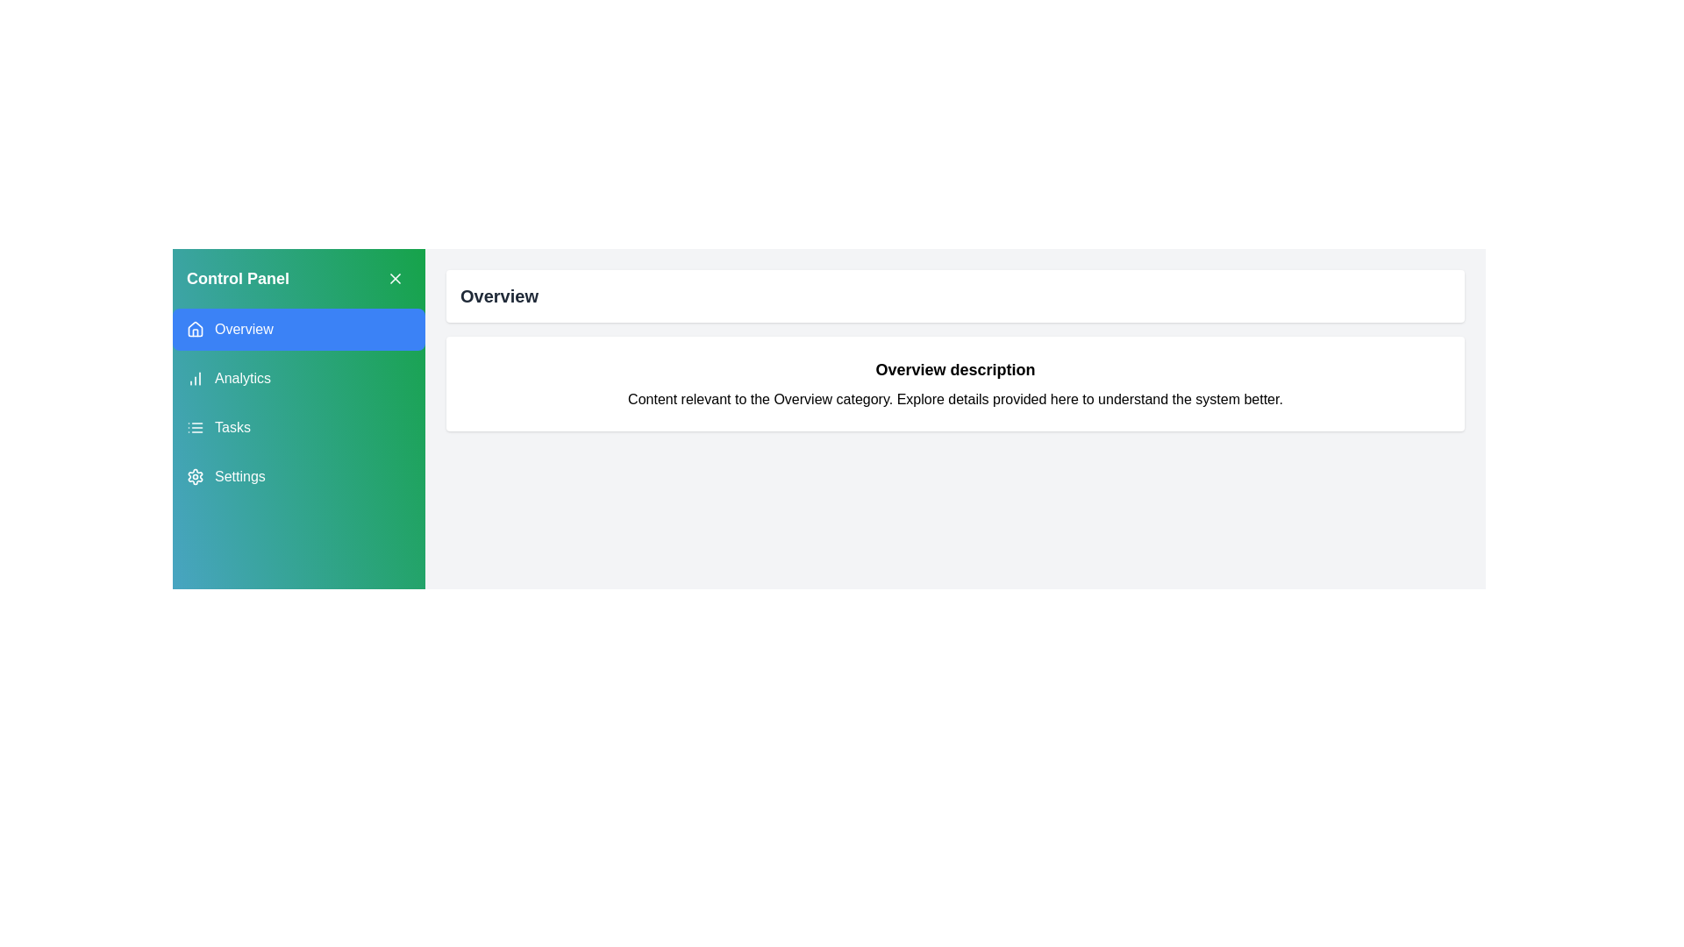  Describe the element at coordinates (954, 399) in the screenshot. I see `the text in the content area to select a word` at that location.